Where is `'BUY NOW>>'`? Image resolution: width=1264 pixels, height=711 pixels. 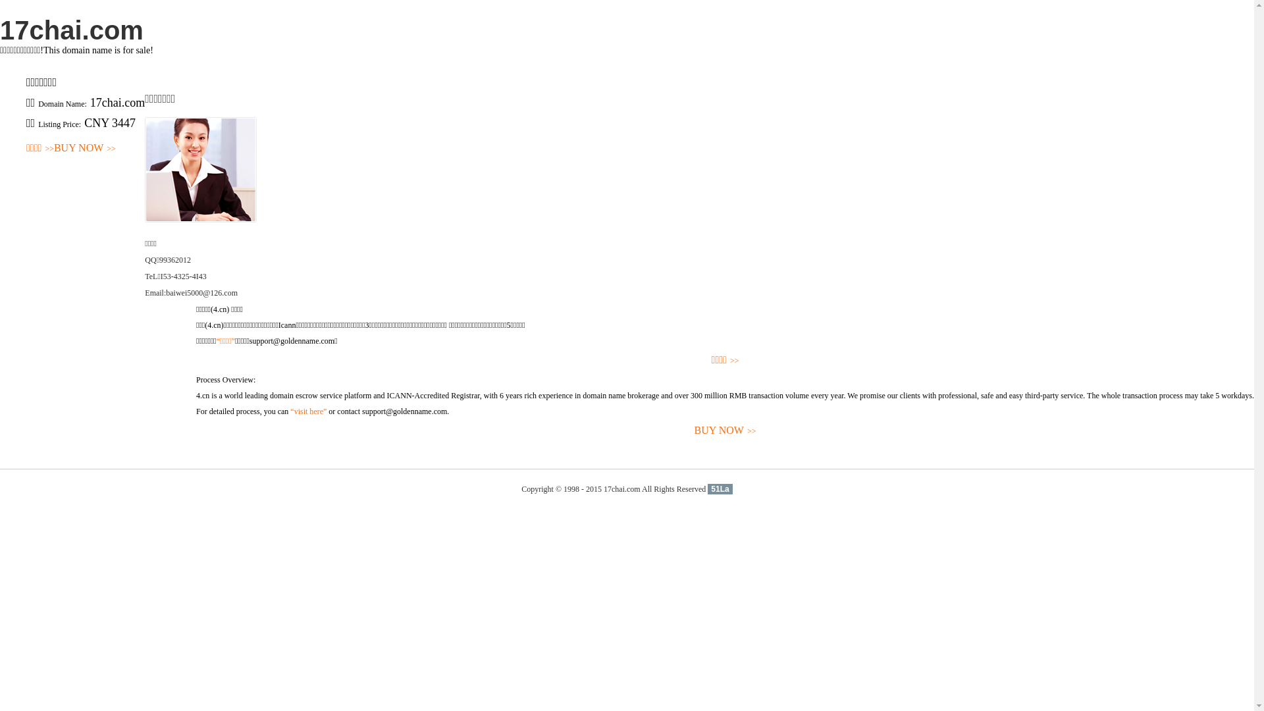
'BUY NOW>>' is located at coordinates (724, 431).